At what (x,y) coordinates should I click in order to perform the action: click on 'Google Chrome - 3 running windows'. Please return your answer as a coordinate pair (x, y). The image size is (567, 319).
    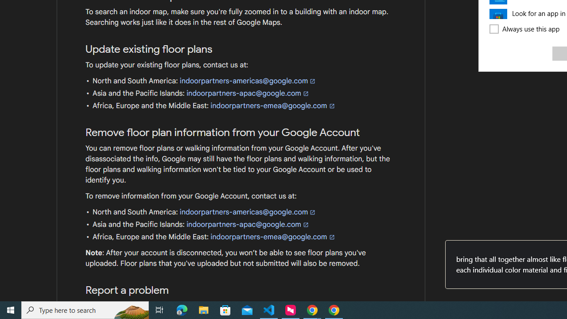
    Looking at the image, I should click on (312, 309).